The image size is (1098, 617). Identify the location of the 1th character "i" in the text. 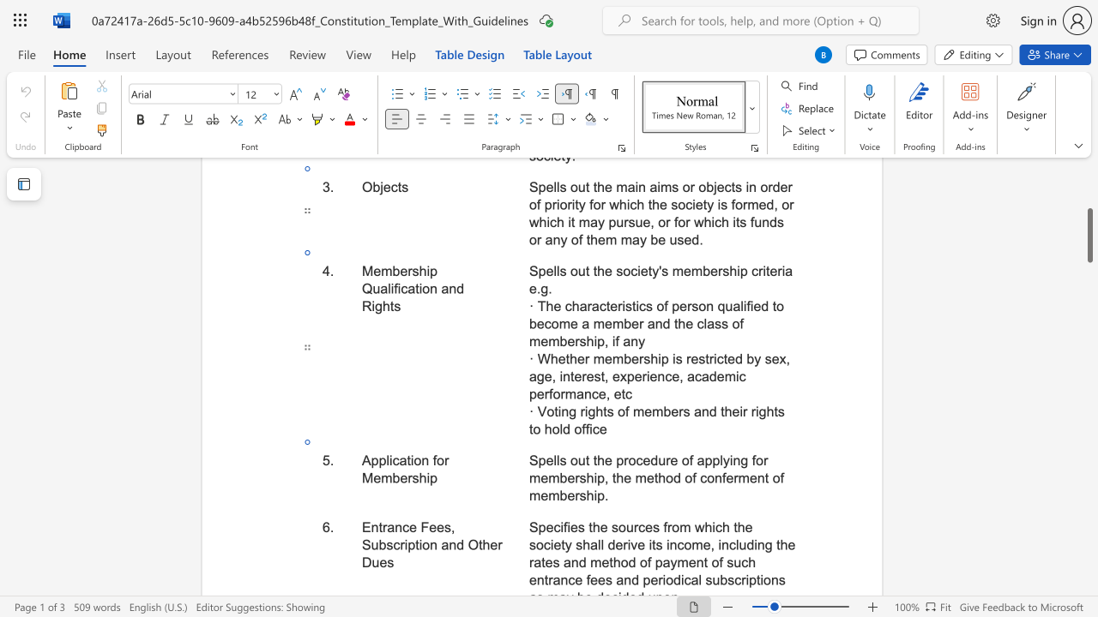
(731, 459).